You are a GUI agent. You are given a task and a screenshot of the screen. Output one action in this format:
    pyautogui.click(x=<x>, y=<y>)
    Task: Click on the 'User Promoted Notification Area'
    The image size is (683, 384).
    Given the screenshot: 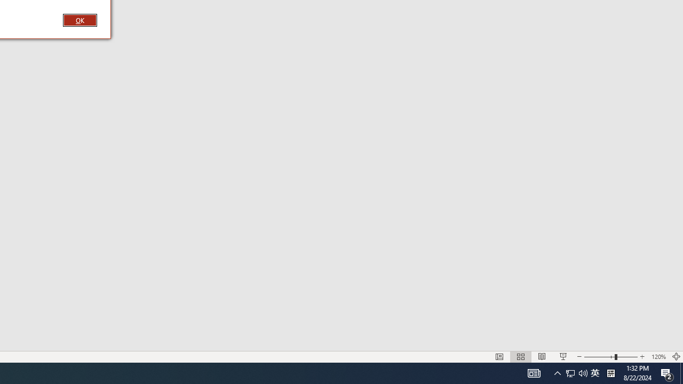 What is the action you would take?
    pyautogui.click(x=594, y=372)
    